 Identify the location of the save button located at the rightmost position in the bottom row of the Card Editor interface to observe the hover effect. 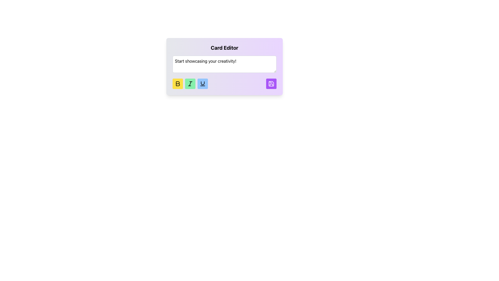
(271, 83).